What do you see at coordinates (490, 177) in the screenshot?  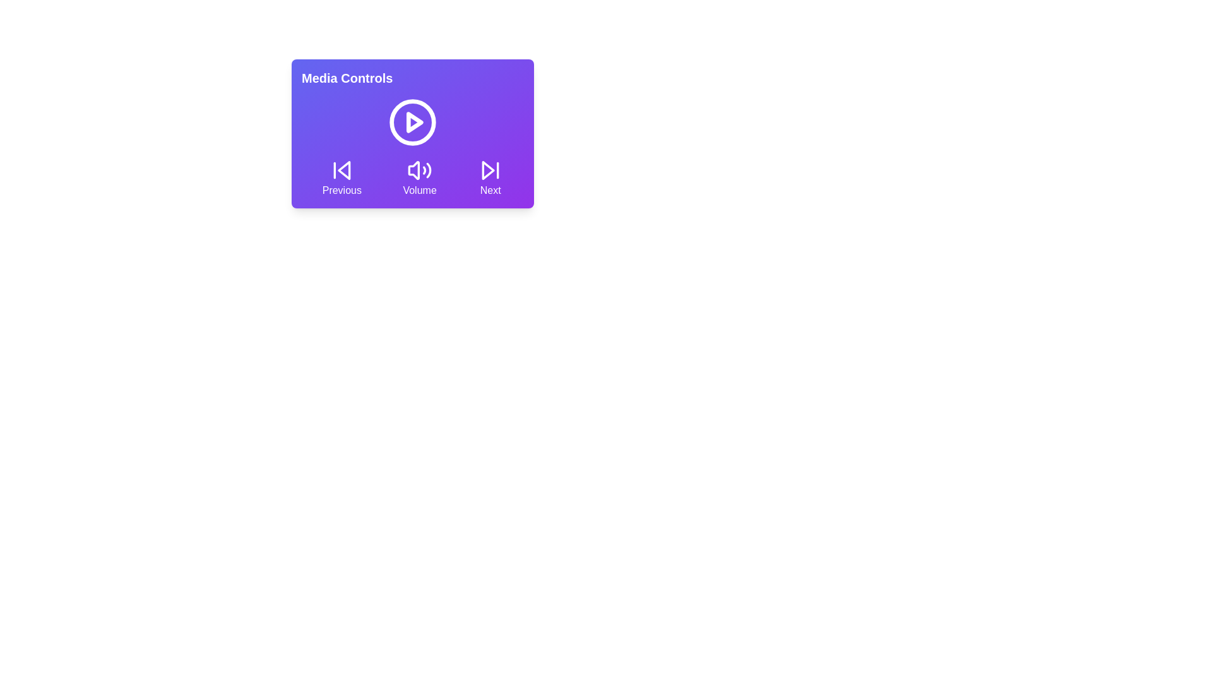 I see `the 'Next' button to skip to the next media` at bounding box center [490, 177].